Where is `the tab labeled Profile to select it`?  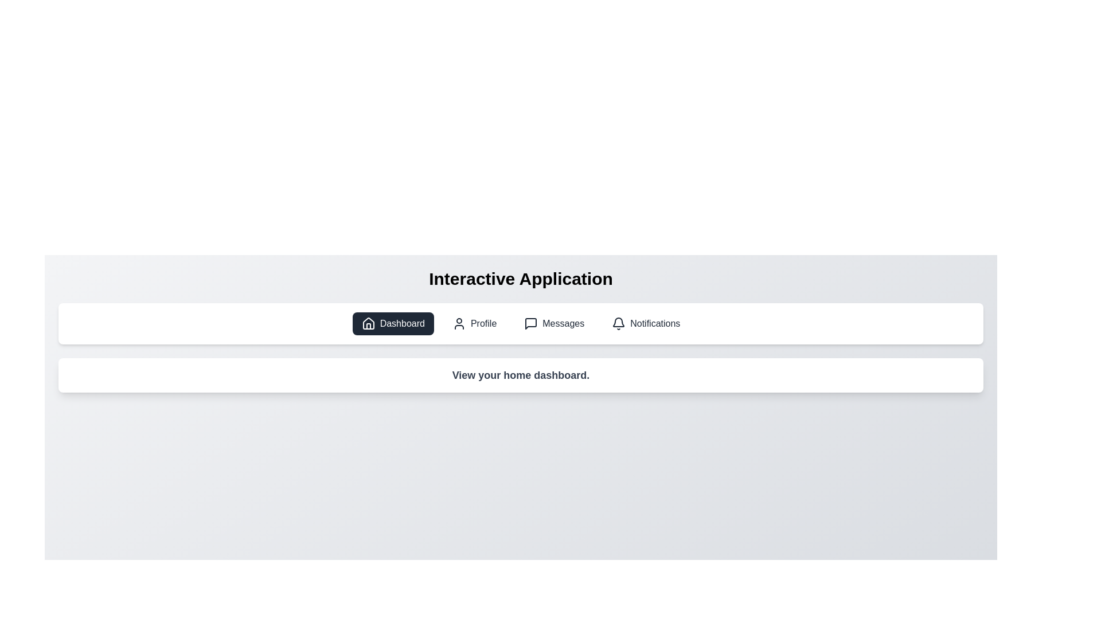
the tab labeled Profile to select it is located at coordinates (474, 323).